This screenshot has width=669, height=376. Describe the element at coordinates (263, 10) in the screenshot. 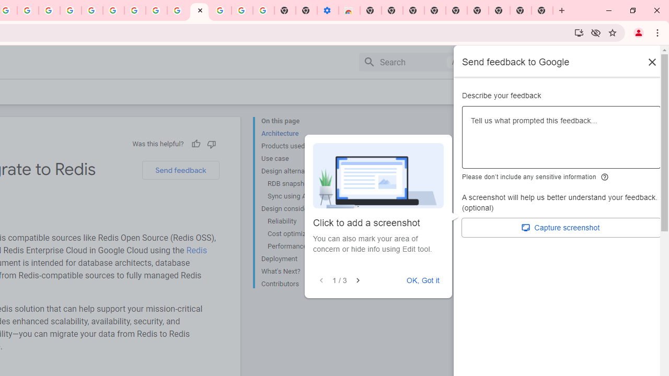

I see `'Turn cookies on or off - Computer - Google Account Help'` at that location.